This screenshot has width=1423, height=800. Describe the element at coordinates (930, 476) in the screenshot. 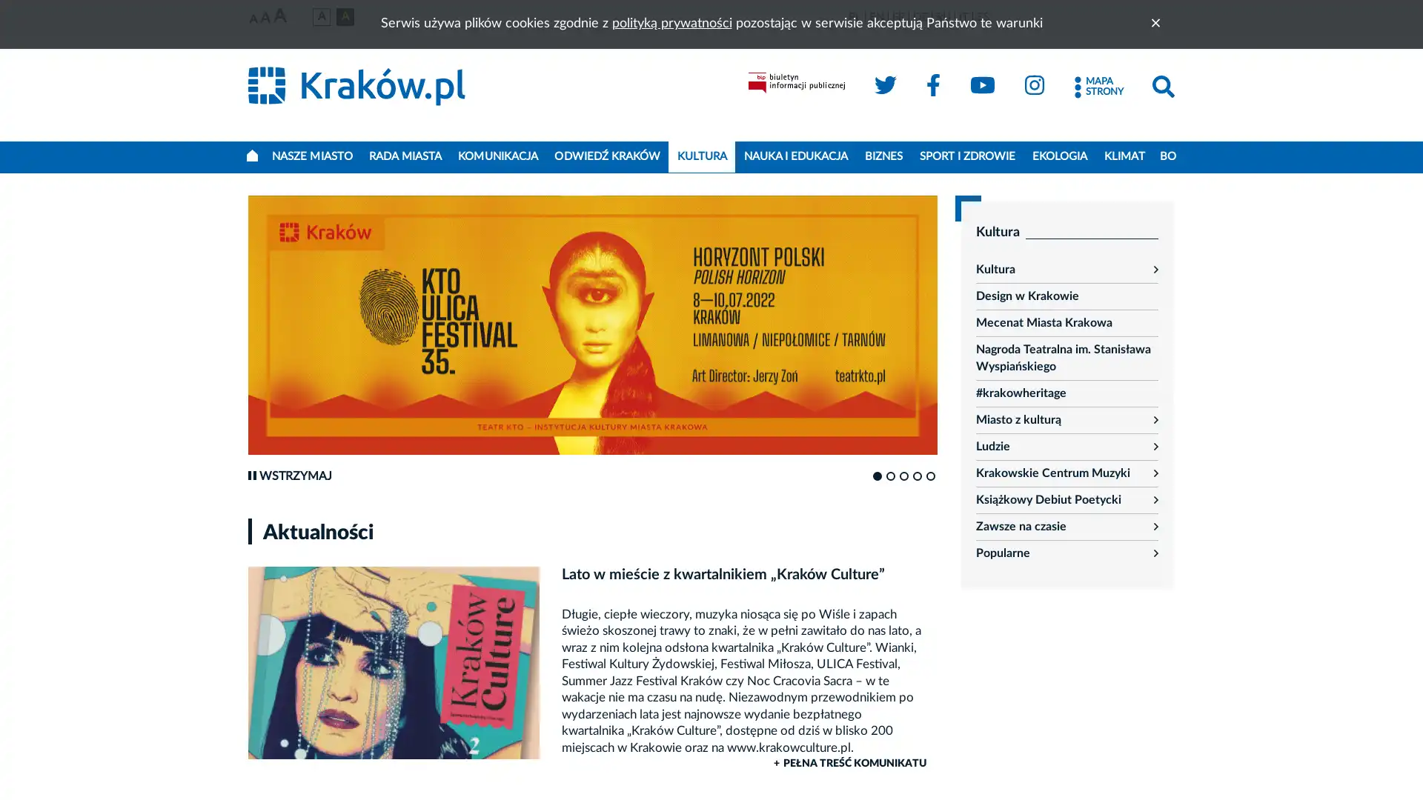

I see `Go to slide 5` at that location.